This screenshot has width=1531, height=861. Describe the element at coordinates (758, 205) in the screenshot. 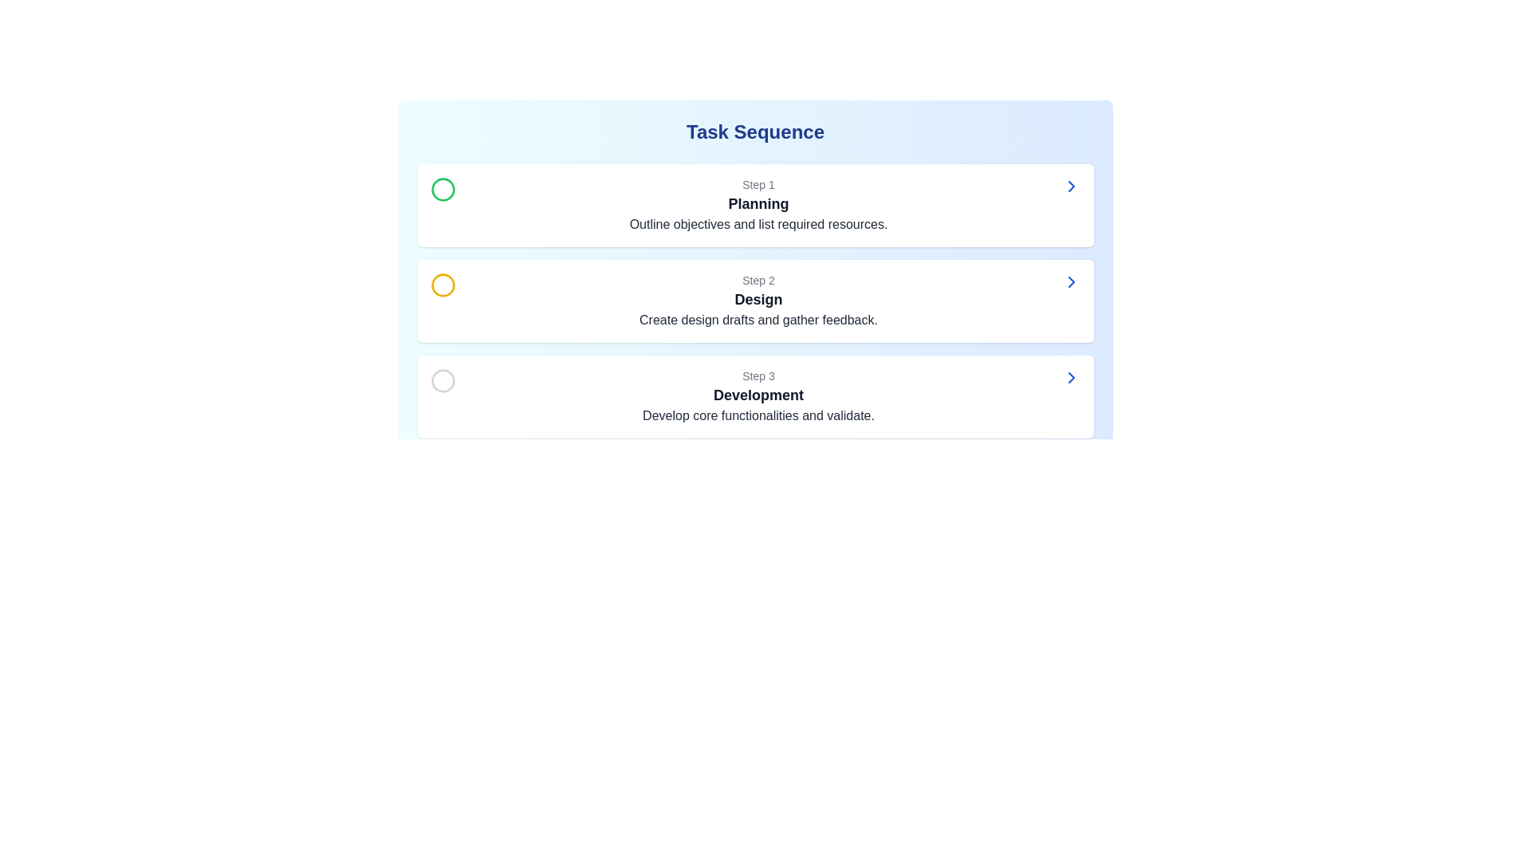

I see `the Textual information block that includes 'Step 1', 'Planning', and the description 'Outline objectives and list required resources.'` at that location.